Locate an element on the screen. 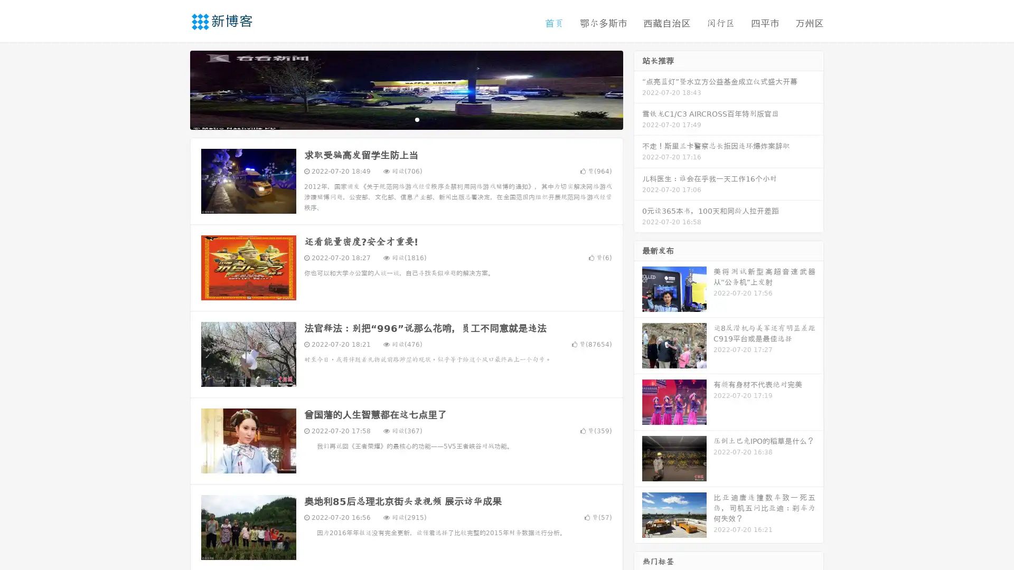  Go to slide 3 is located at coordinates (417, 119).